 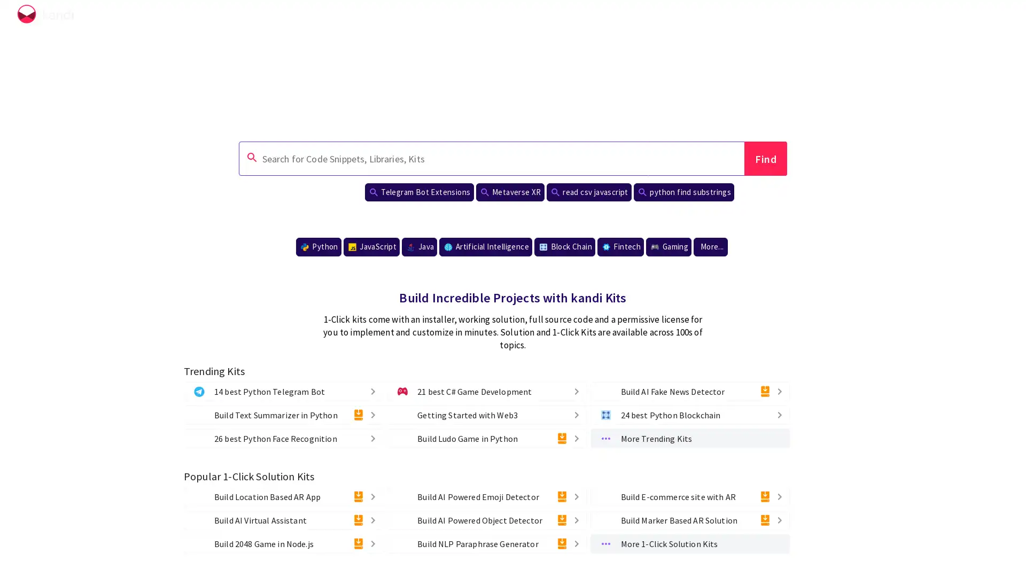 What do you see at coordinates (372, 543) in the screenshot?
I see `delete` at bounding box center [372, 543].